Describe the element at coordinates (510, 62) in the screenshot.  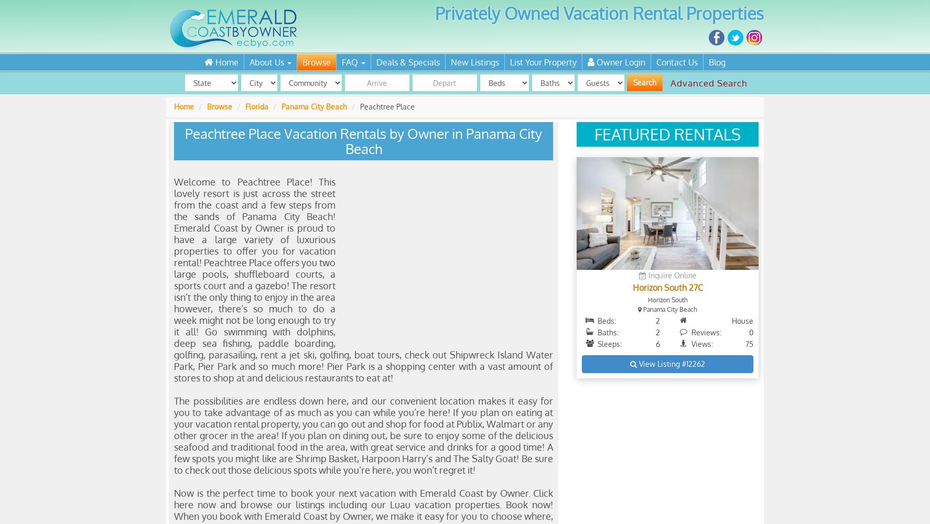
I see `'List Your Property'` at that location.